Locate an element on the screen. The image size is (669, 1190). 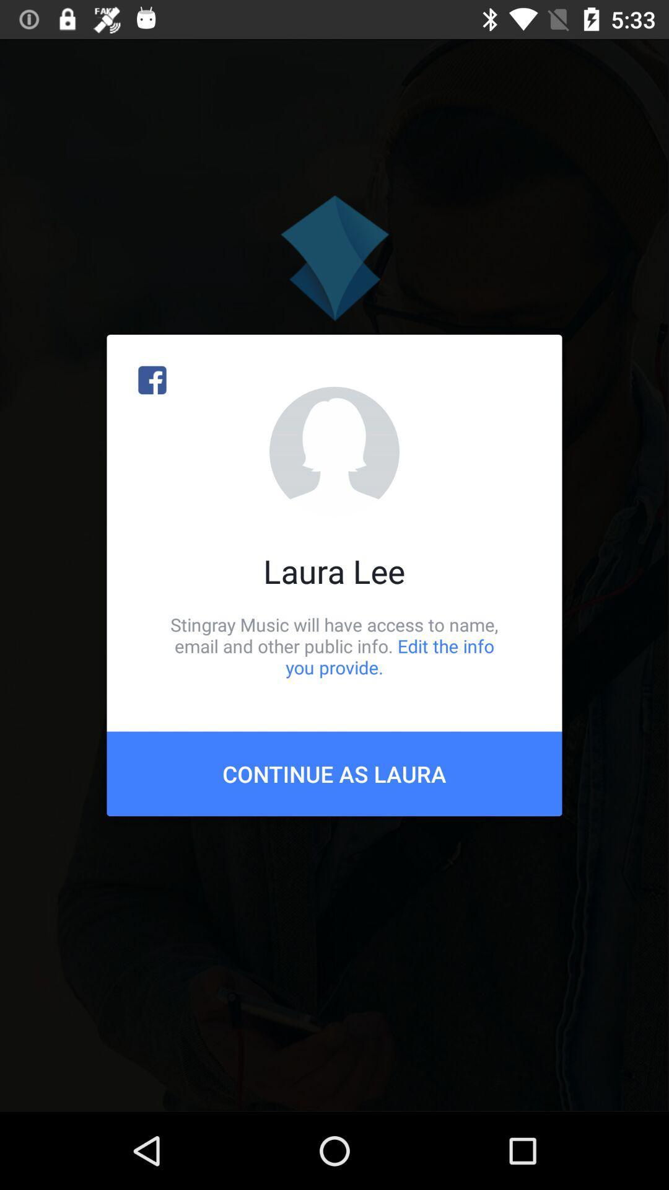
stingray music will icon is located at coordinates (334, 645).